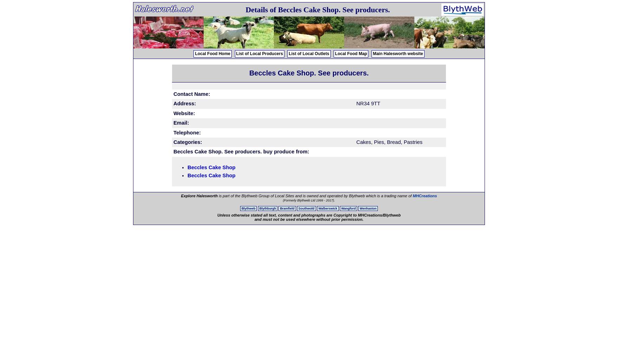  Describe the element at coordinates (368, 208) in the screenshot. I see `'Wenhaston'` at that location.